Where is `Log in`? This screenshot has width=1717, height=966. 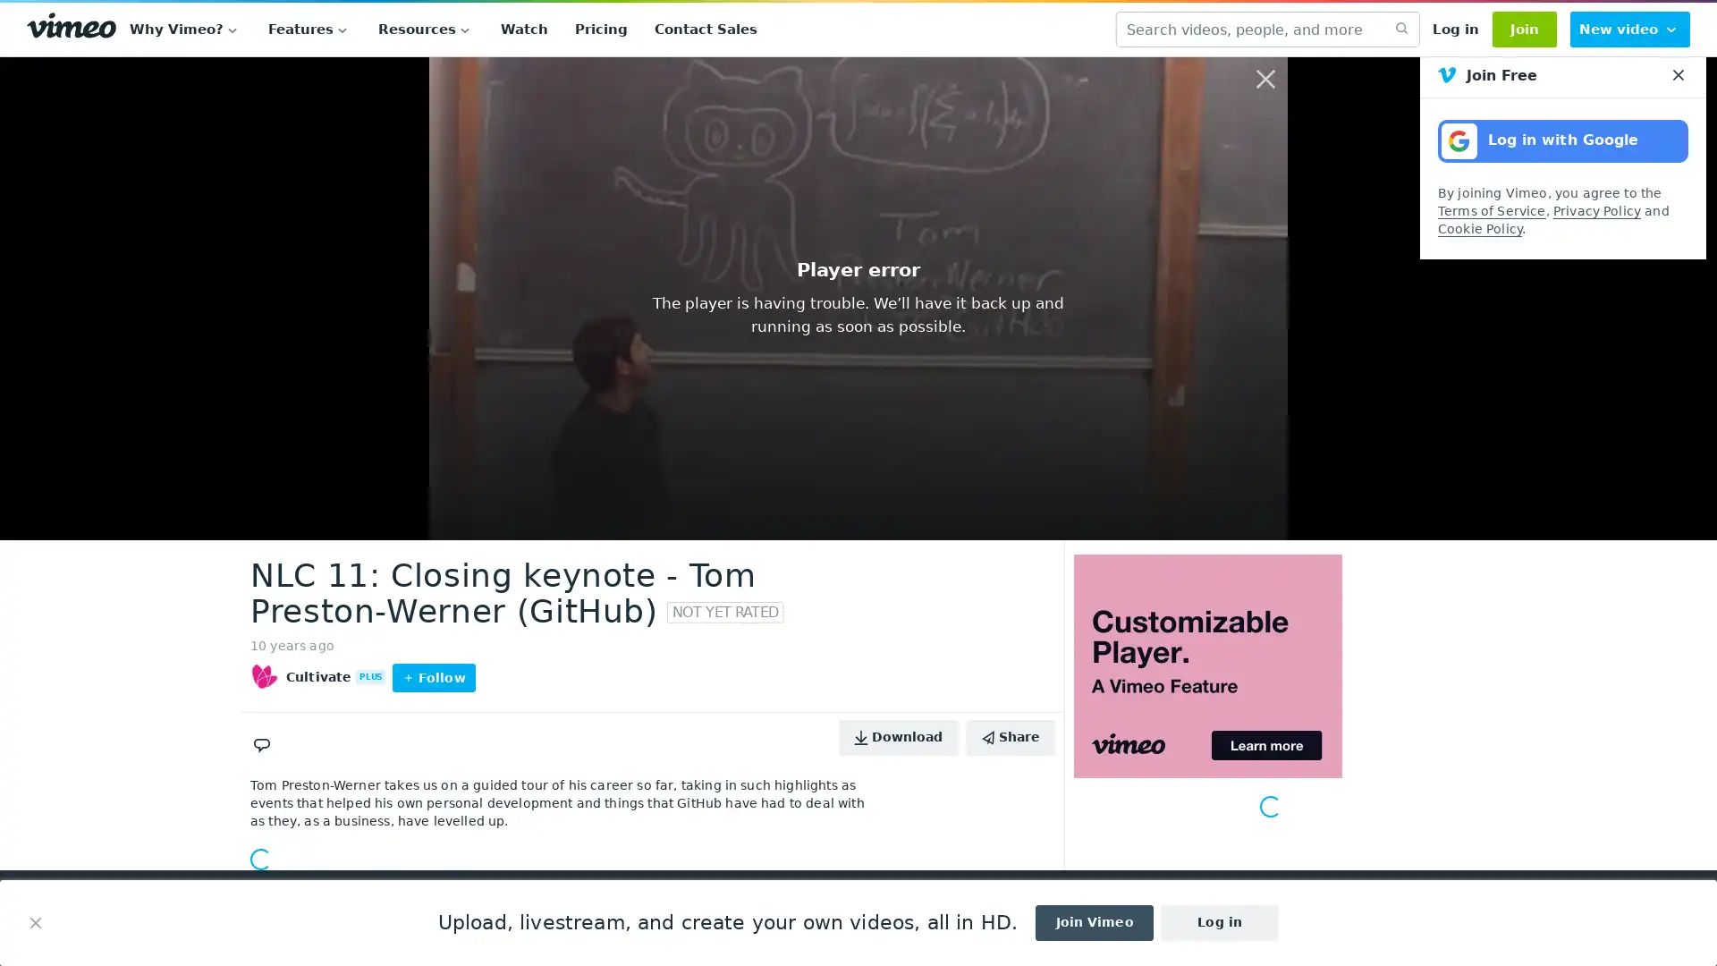 Log in is located at coordinates (1218, 923).